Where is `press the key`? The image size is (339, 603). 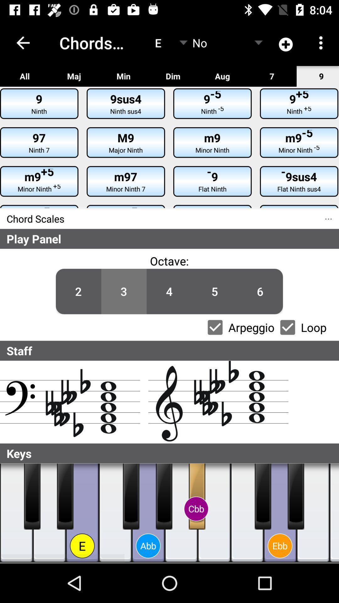 press the key is located at coordinates (164, 496).